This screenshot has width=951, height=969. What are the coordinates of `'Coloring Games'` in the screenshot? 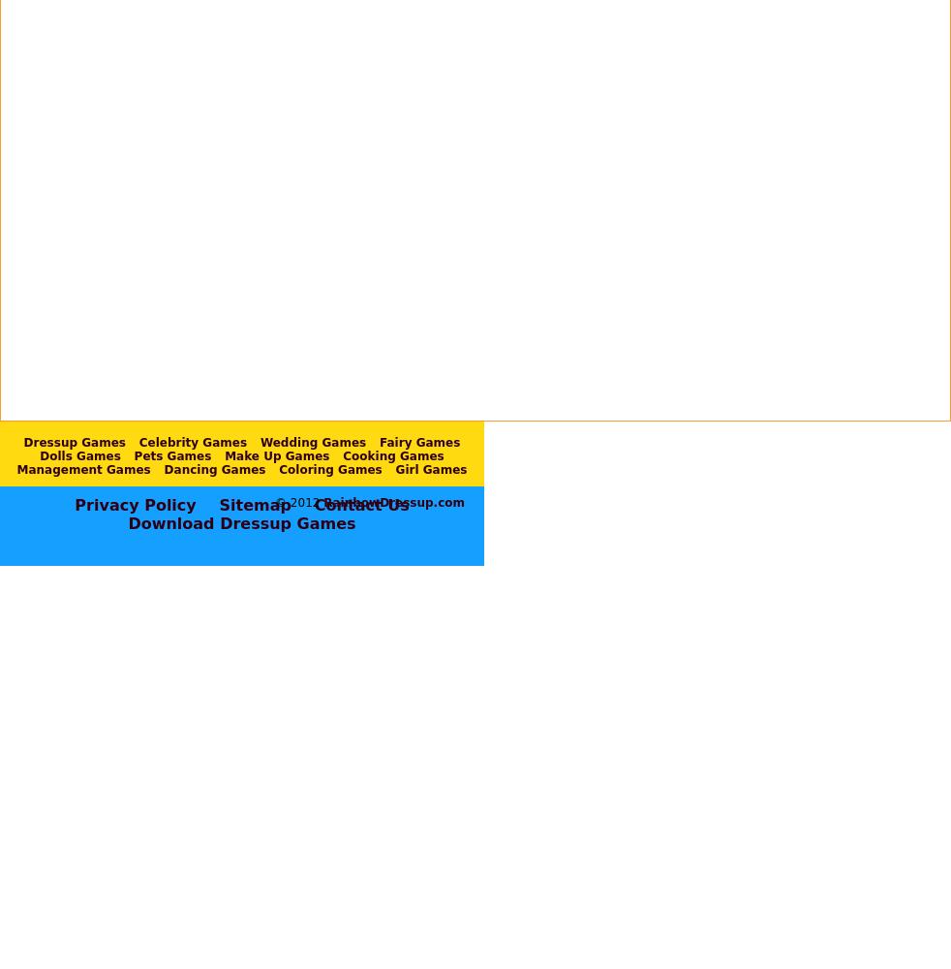 It's located at (330, 468).